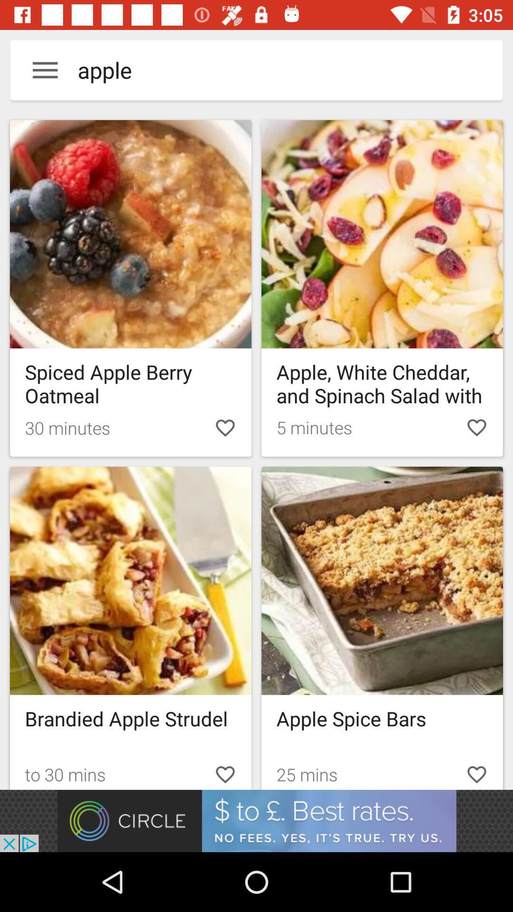  Describe the element at coordinates (476, 773) in the screenshot. I see `fourth heart symbol from top and next to grey colour text 25 mins` at that location.